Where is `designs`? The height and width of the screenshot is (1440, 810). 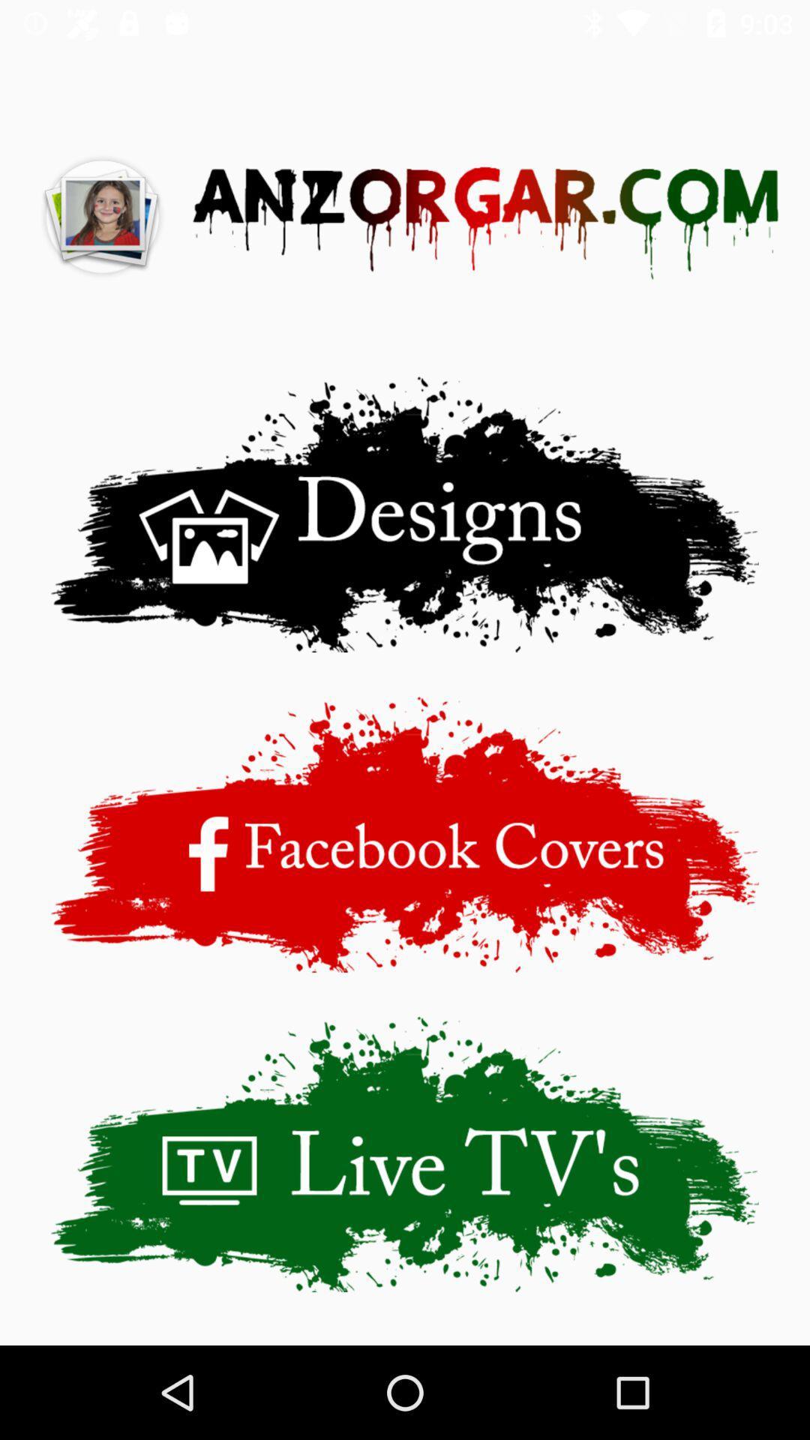
designs is located at coordinates (405, 514).